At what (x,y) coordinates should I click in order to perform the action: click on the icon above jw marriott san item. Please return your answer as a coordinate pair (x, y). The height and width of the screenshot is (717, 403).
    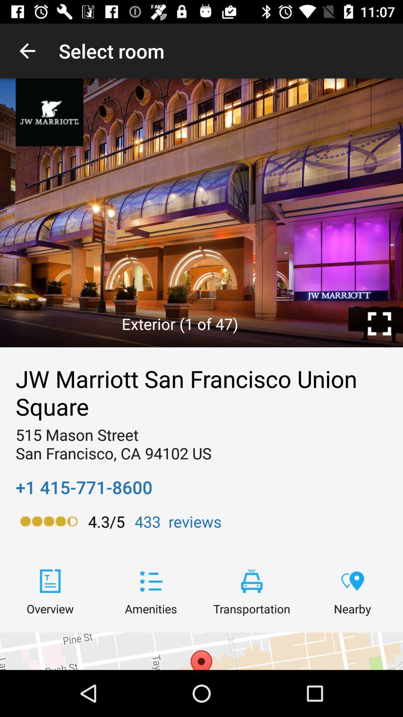
    Looking at the image, I should click on (379, 324).